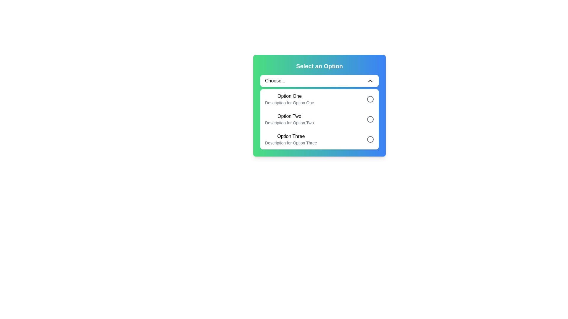  I want to click on the supplementary text label for 'Option Three' in the dropdown menu, which is located below the 'Option Three' title, so click(291, 143).